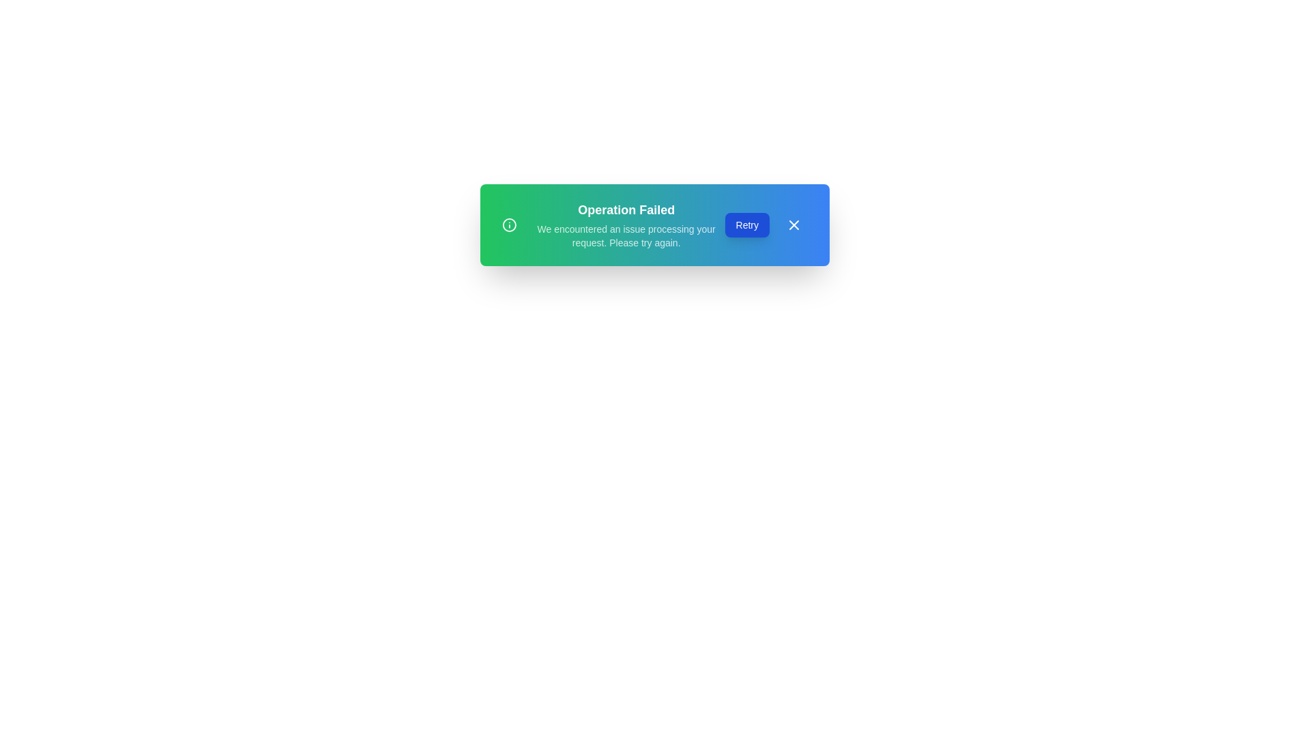  What do you see at coordinates (746, 225) in the screenshot?
I see `the 'Retry' button to attempt the action again` at bounding box center [746, 225].